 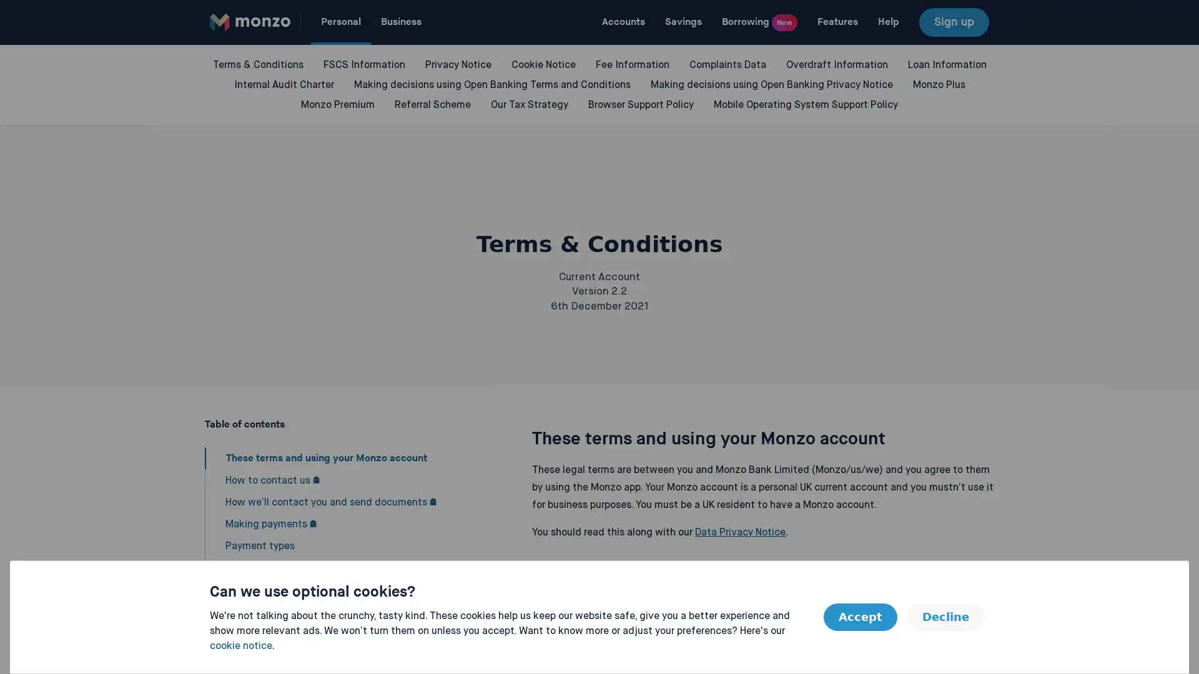 What do you see at coordinates (859, 616) in the screenshot?
I see `Accept` at bounding box center [859, 616].